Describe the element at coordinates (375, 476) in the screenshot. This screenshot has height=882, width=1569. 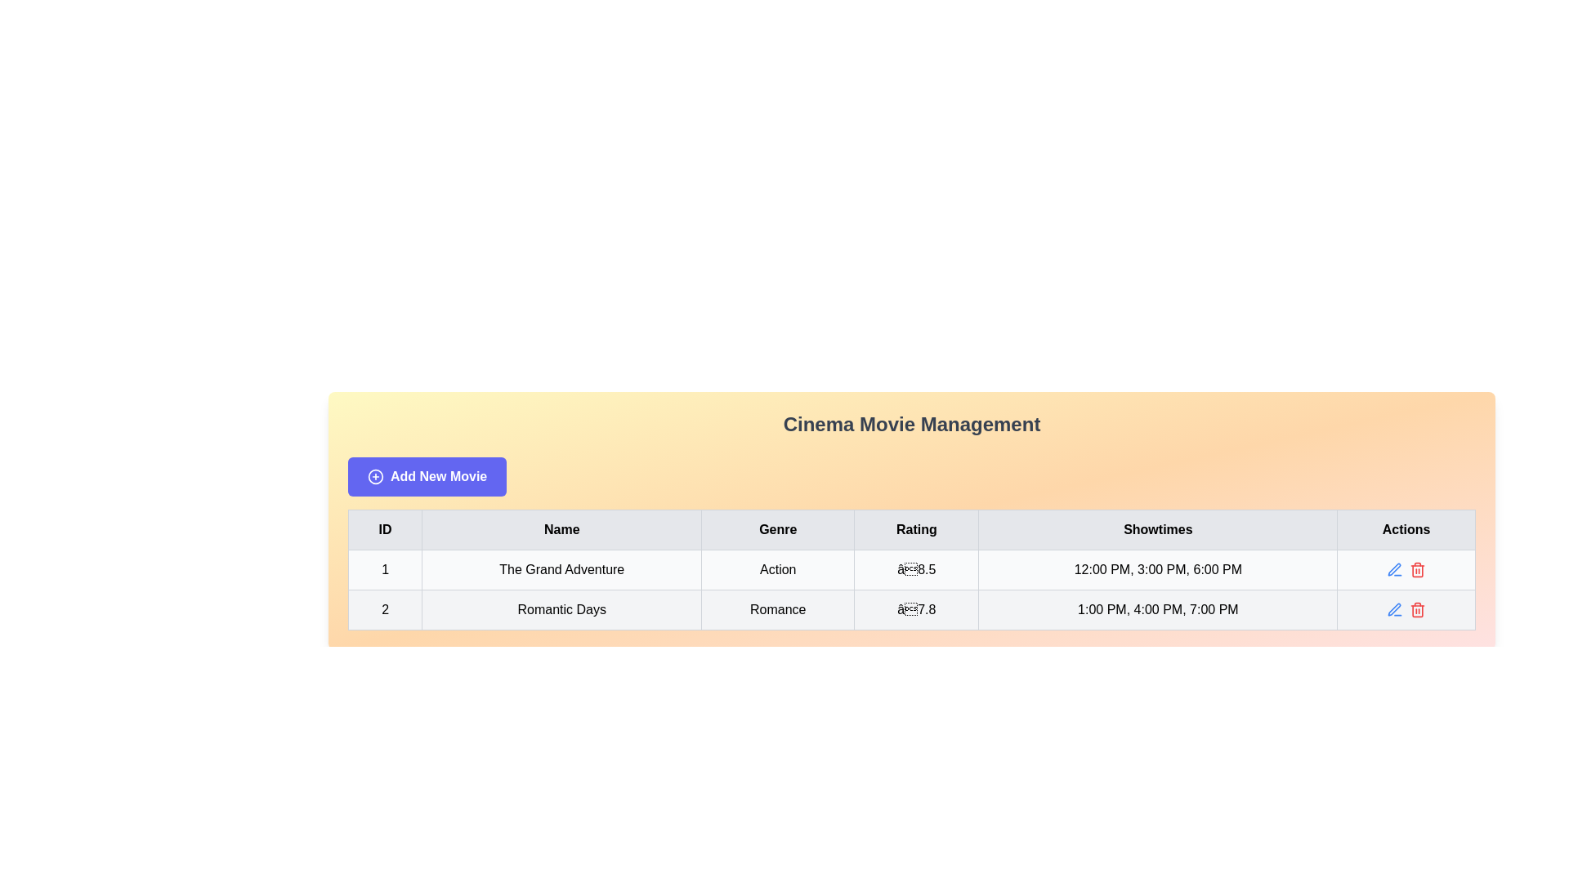
I see `the circular plus icon located to the left of the 'Add New Movie' button` at that location.